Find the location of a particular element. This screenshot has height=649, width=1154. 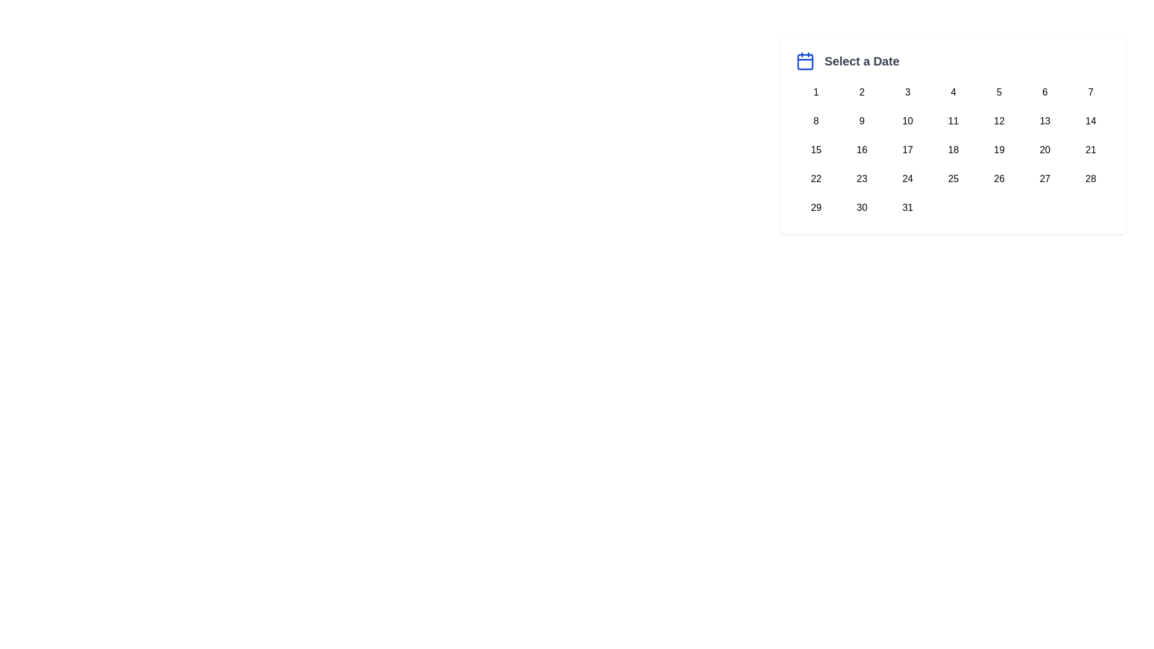

the selectable calendar day labeled '4' located in the grid layout within the 'Select a Date' card is located at coordinates (953, 92).